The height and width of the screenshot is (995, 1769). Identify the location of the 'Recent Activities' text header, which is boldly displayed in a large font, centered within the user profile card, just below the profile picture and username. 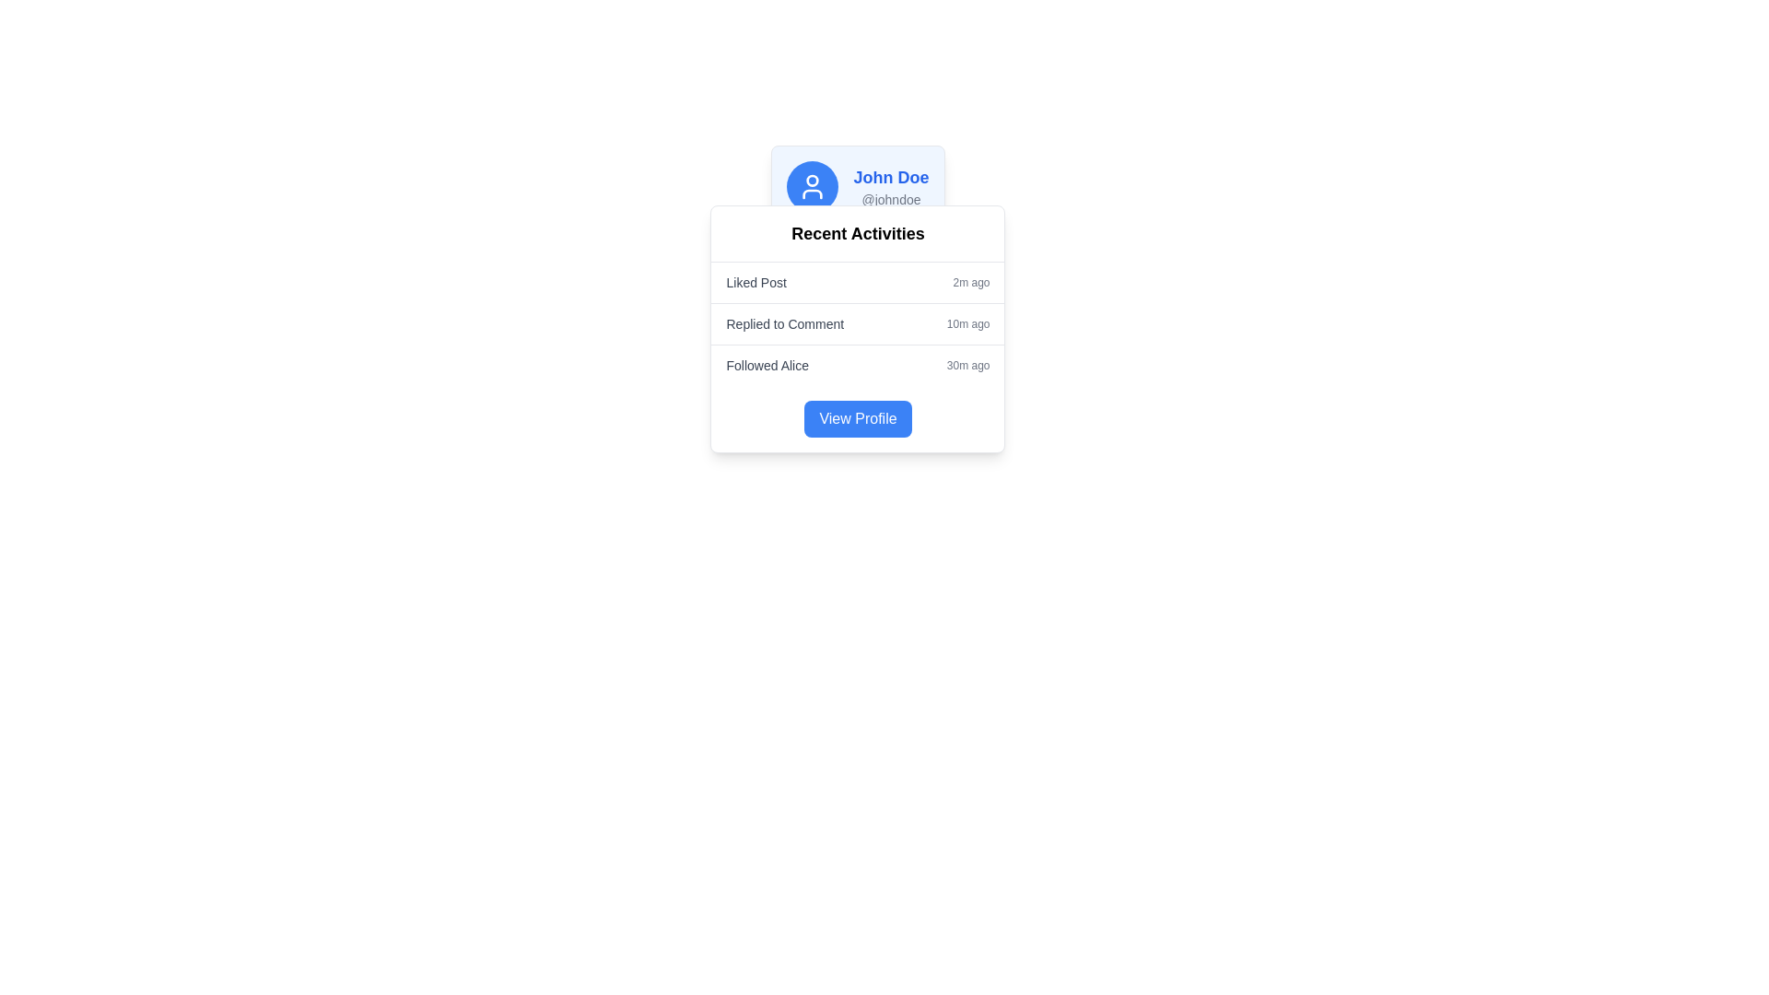
(857, 233).